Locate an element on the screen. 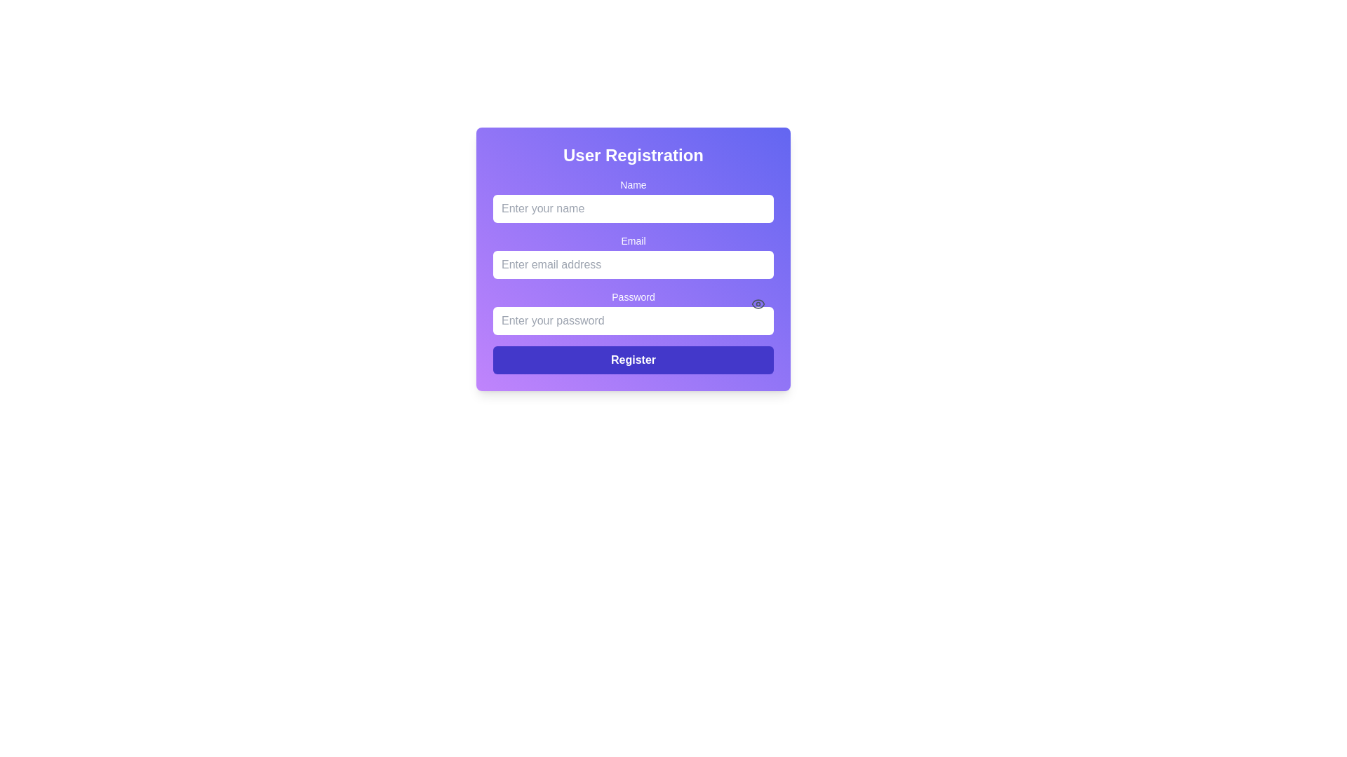  the eye icon button at the right end of the password input field is located at coordinates (757, 304).